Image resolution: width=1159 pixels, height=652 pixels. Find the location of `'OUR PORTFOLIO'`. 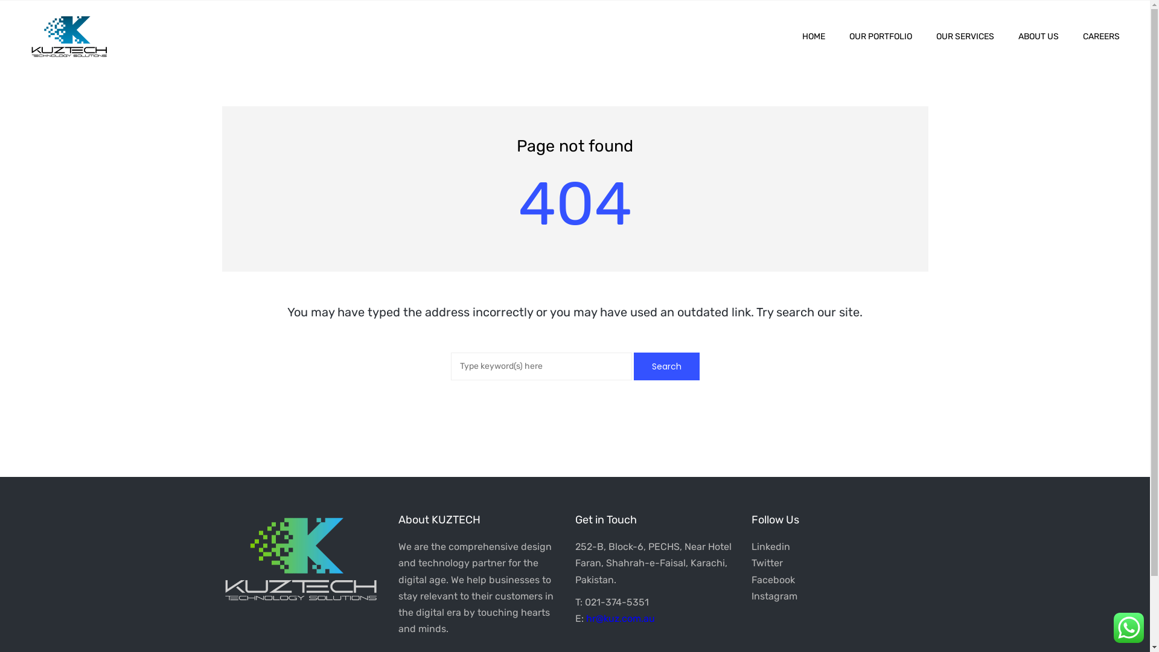

'OUR PORTFOLIO' is located at coordinates (881, 36).